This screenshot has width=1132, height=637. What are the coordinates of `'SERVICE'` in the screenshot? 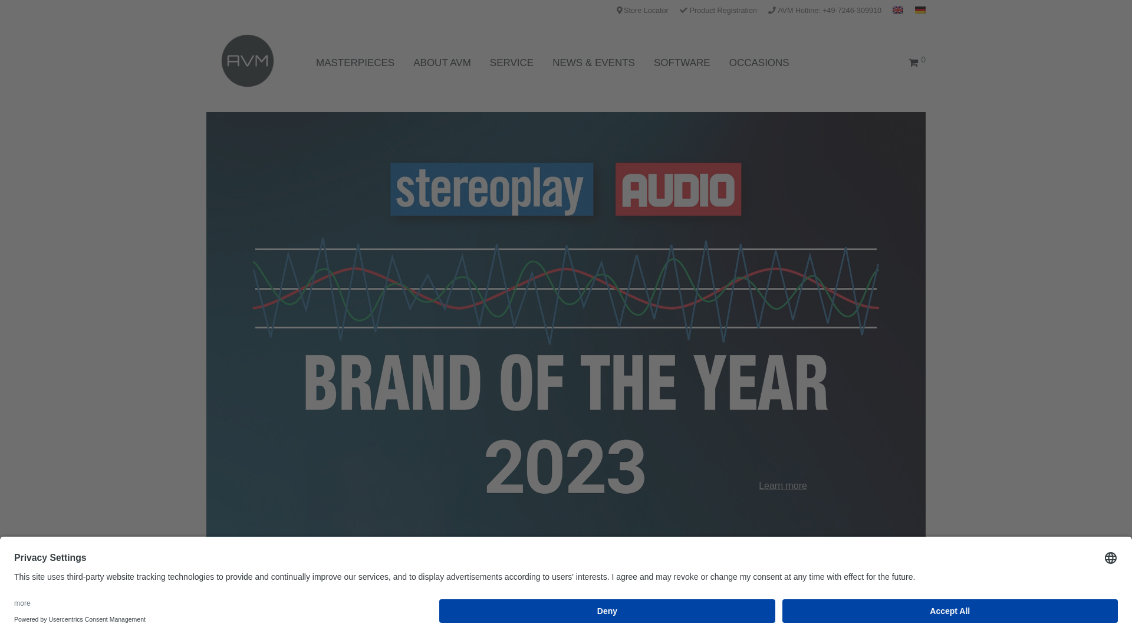 It's located at (512, 63).